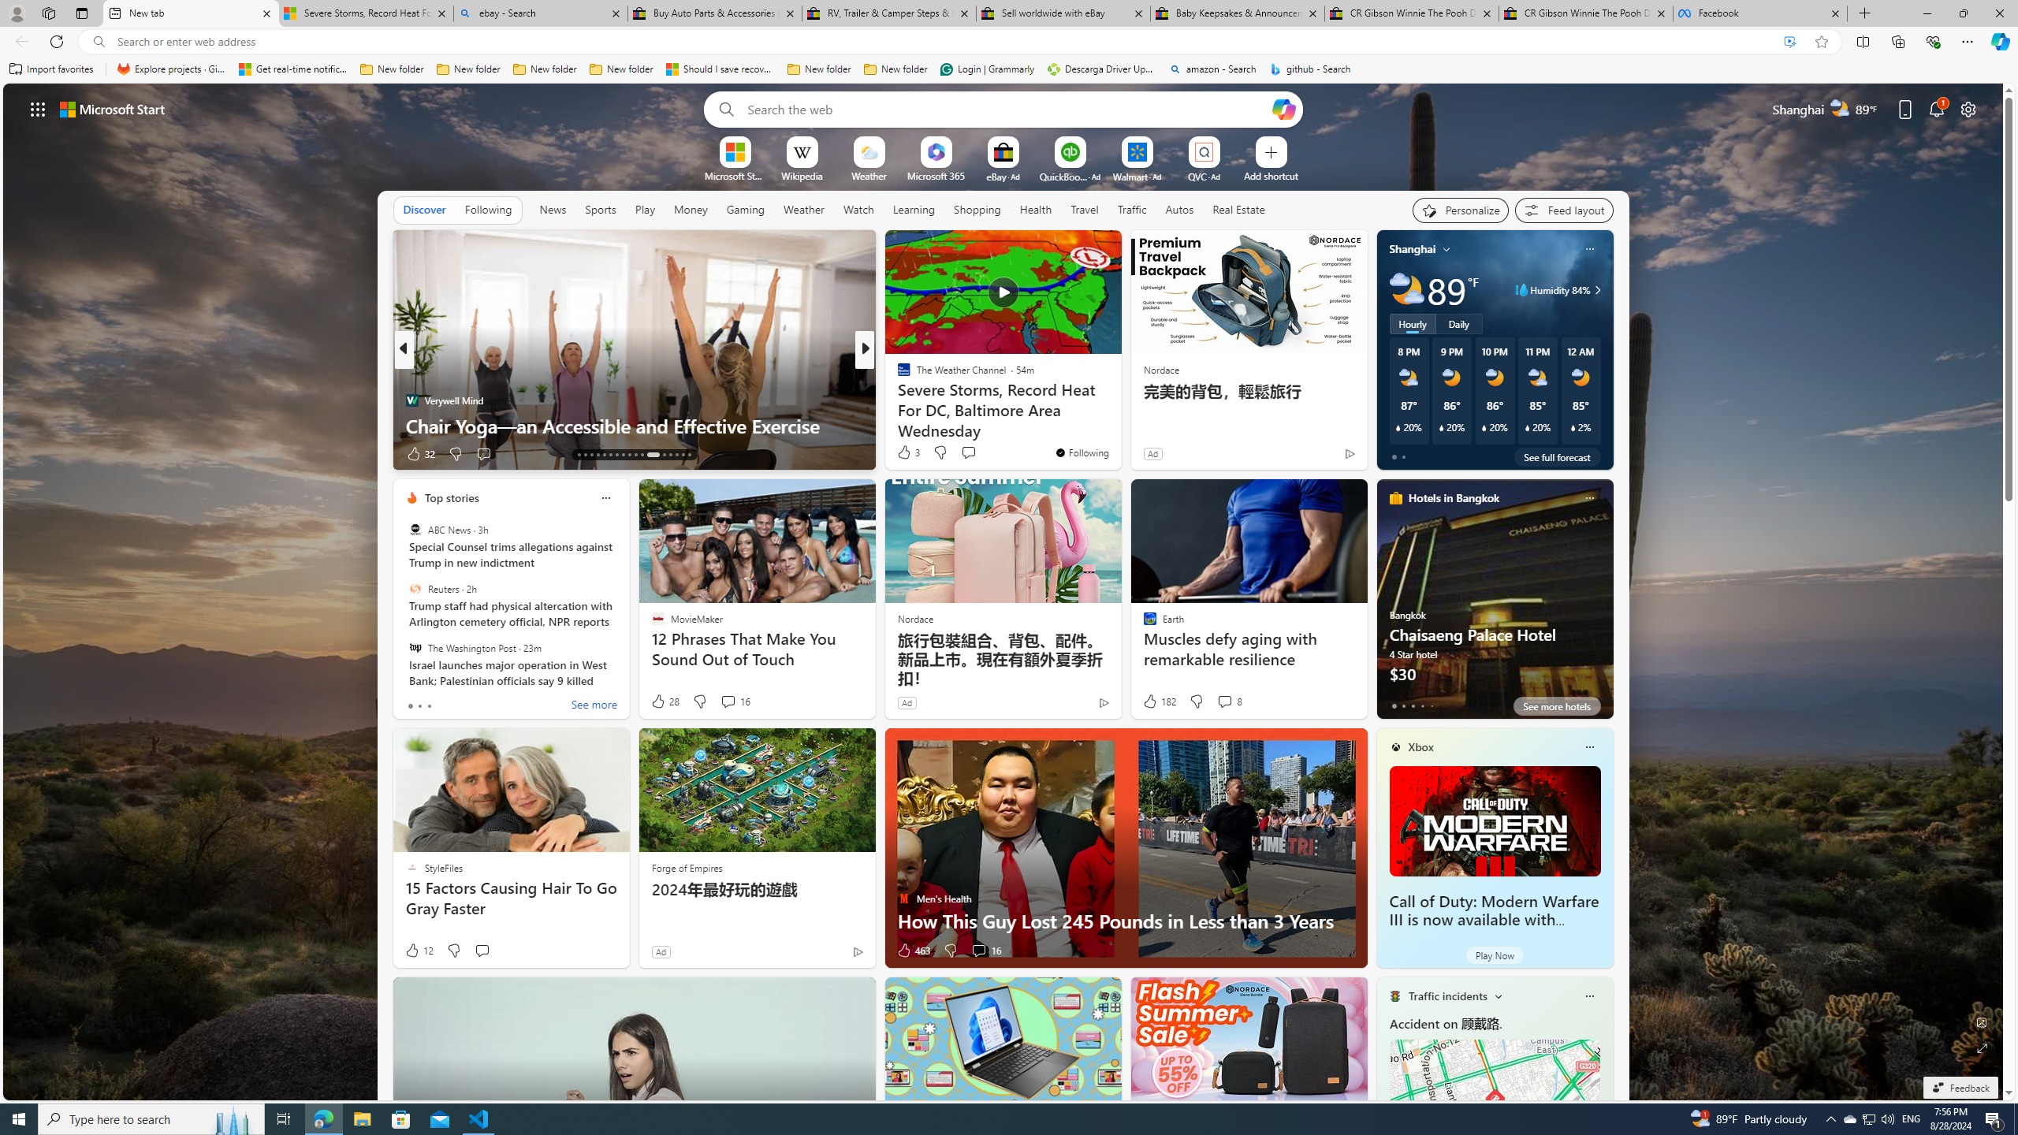  I want to click on 'Class: weather-arrow-glyph', so click(1596, 289).